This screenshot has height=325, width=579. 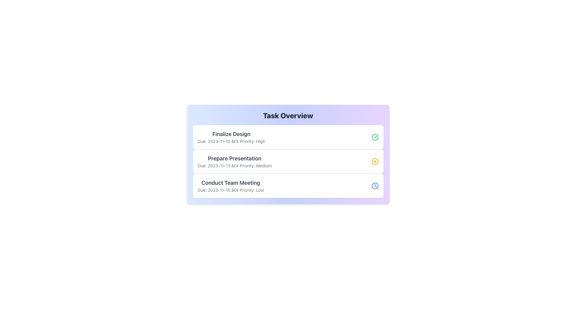 What do you see at coordinates (375, 161) in the screenshot?
I see `the circular outline of the yellow icon indicating the task 'Prepare Presentation' in the task list` at bounding box center [375, 161].